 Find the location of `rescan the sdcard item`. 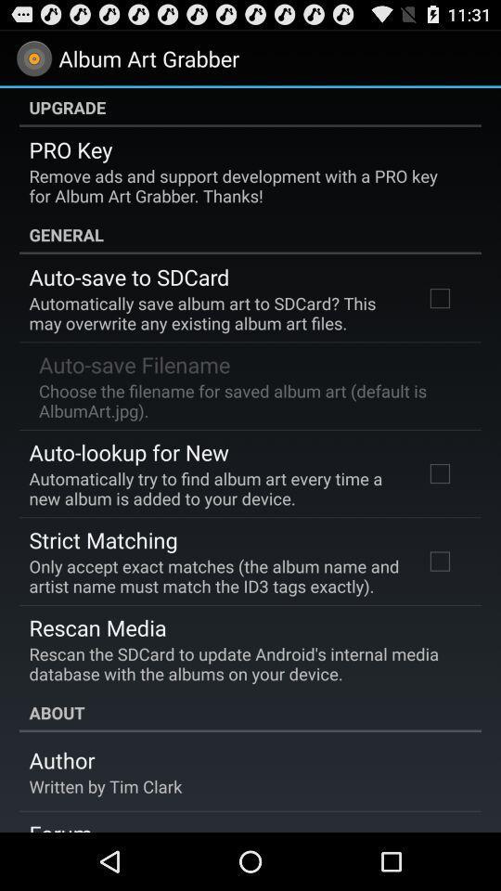

rescan the sdcard item is located at coordinates (244, 664).